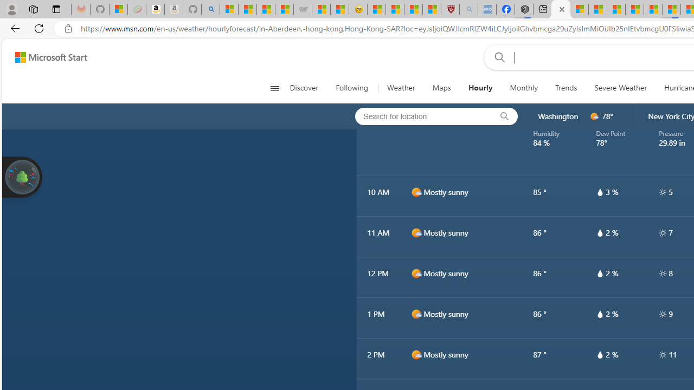 The image size is (694, 390). Describe the element at coordinates (620, 88) in the screenshot. I see `'Severe Weather'` at that location.